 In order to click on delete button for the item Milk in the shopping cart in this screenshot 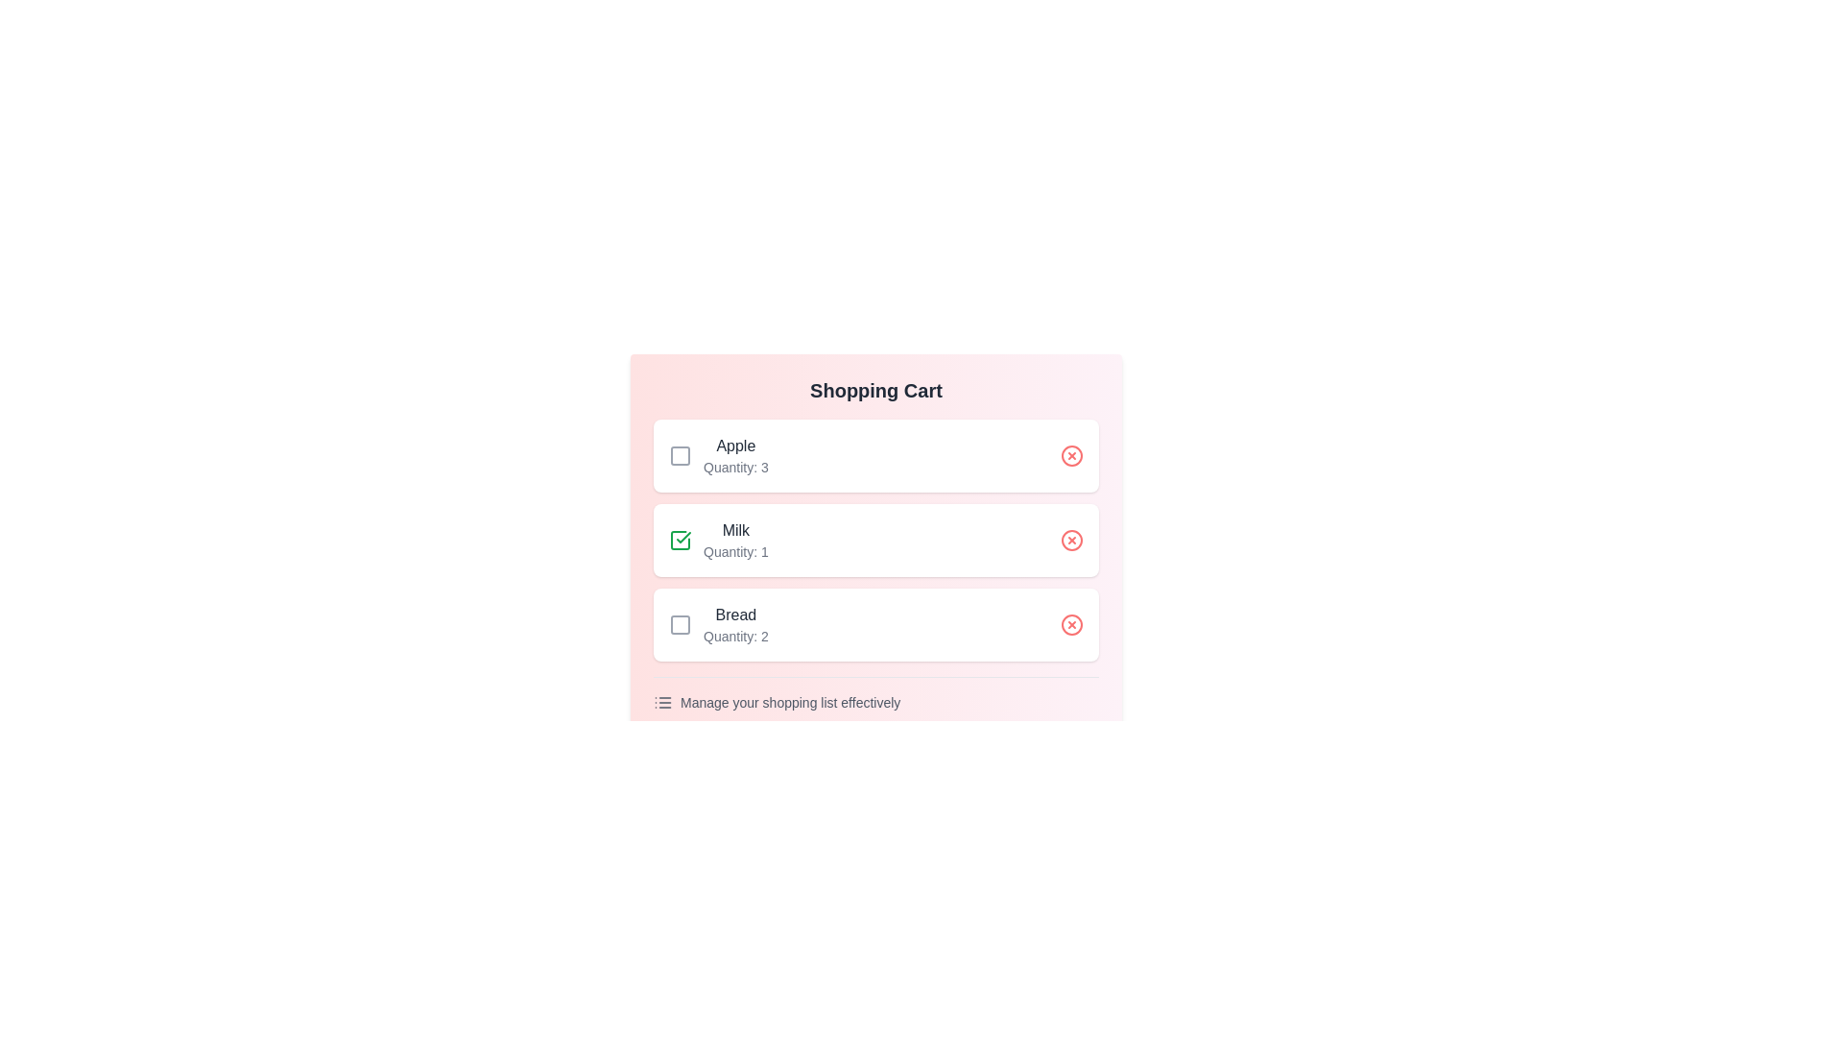, I will do `click(1071, 541)`.